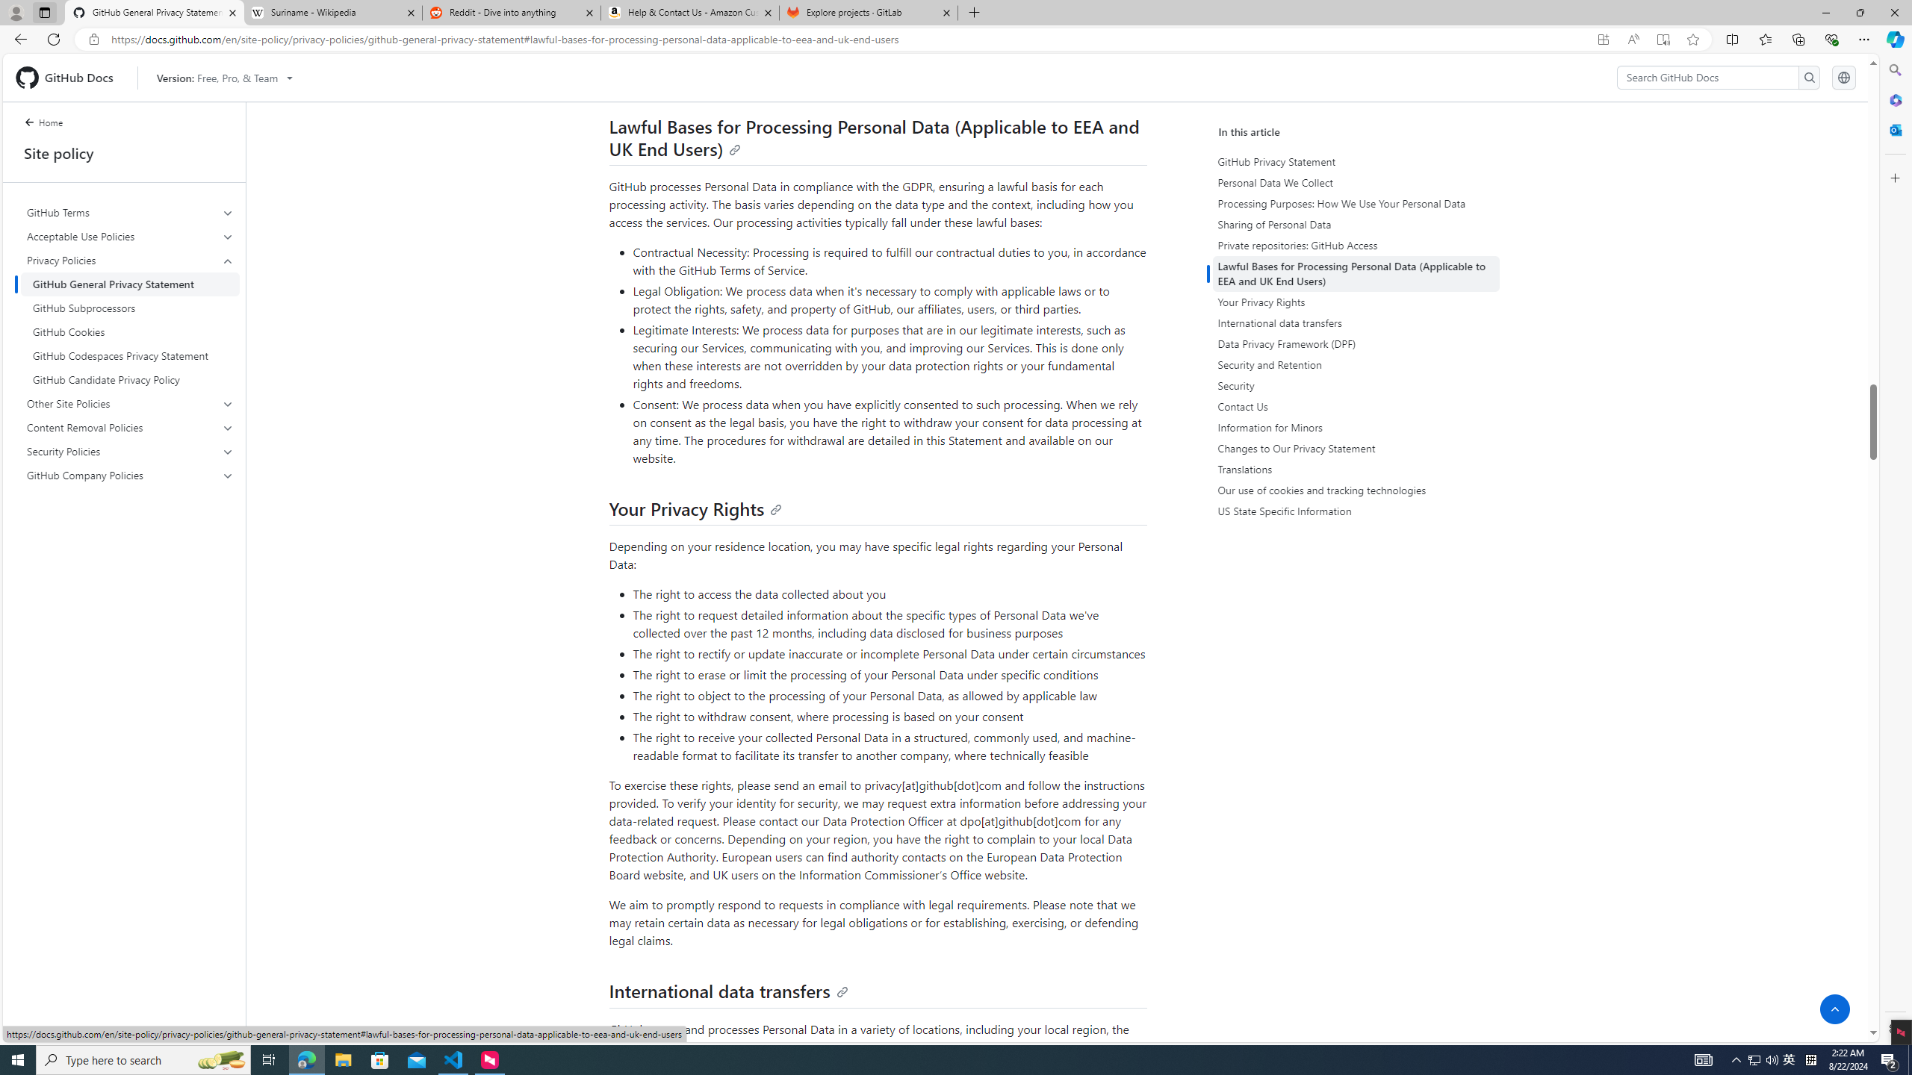 This screenshot has height=1075, width=1912. What do you see at coordinates (130, 331) in the screenshot?
I see `'GitHub Cookies'` at bounding box center [130, 331].